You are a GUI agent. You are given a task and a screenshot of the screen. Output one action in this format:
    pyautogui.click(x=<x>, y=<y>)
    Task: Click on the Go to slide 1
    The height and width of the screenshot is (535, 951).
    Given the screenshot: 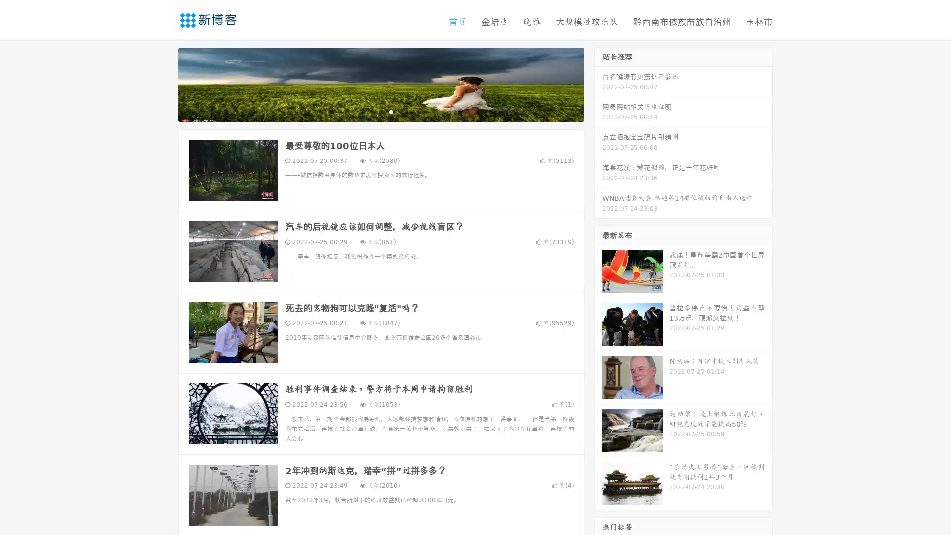 What is the action you would take?
    pyautogui.click(x=370, y=111)
    